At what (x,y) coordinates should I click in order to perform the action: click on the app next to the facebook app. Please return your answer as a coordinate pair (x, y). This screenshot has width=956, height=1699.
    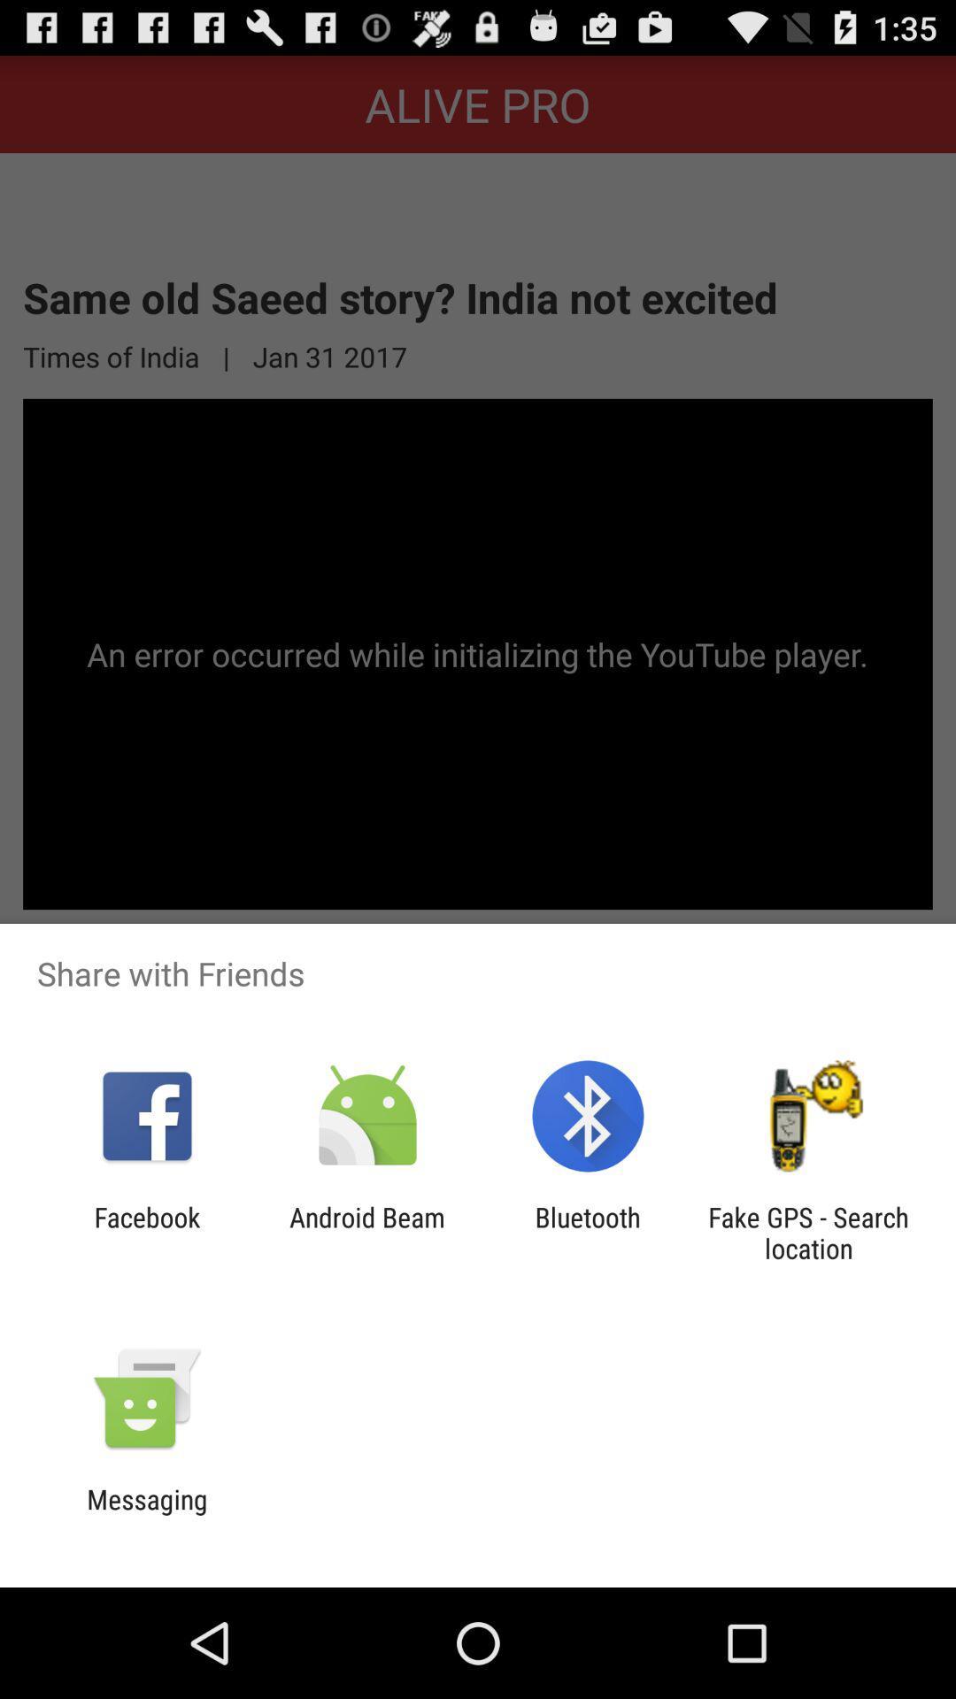
    Looking at the image, I should click on (366, 1232).